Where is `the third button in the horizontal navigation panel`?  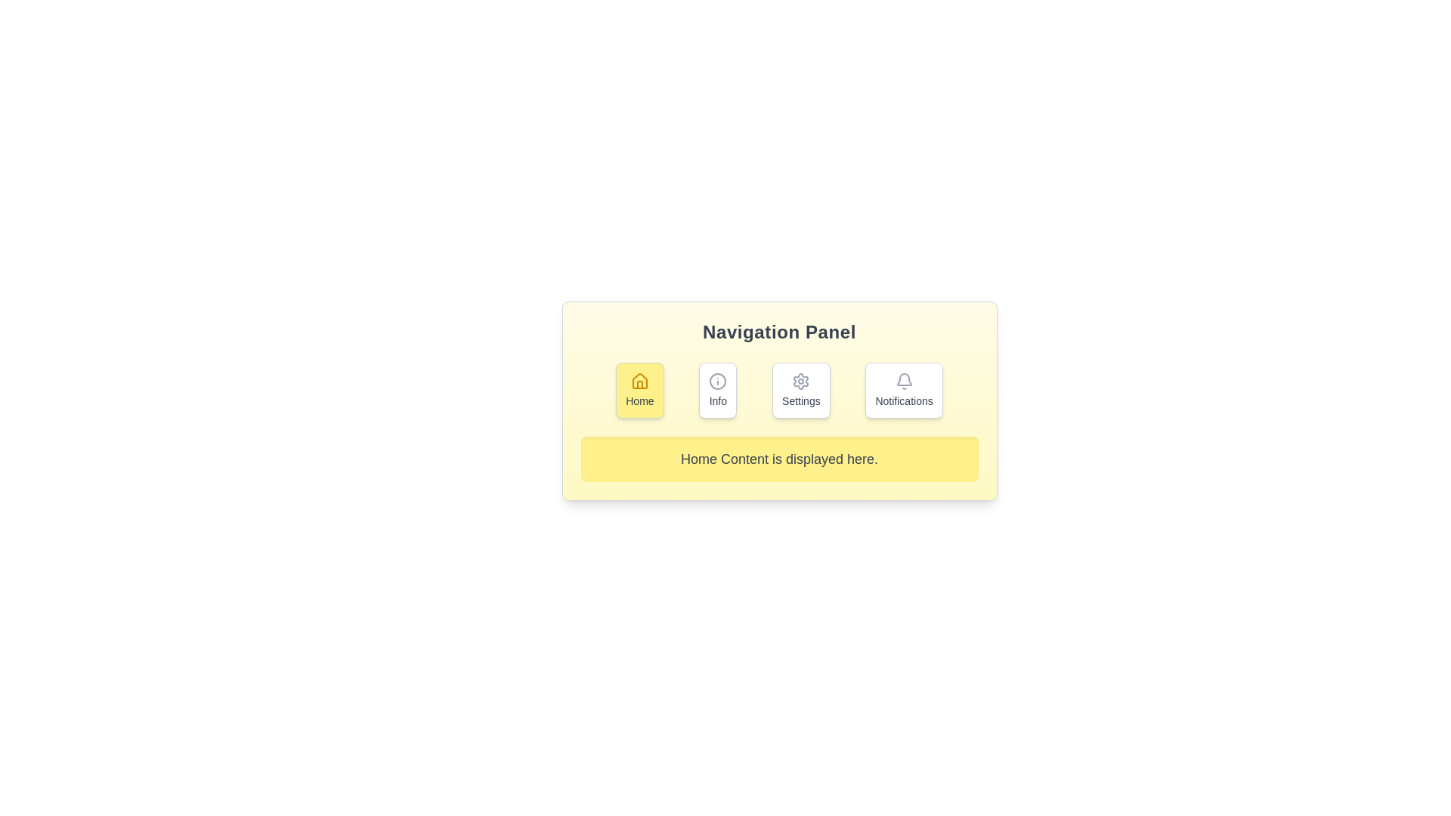 the third button in the horizontal navigation panel is located at coordinates (800, 389).